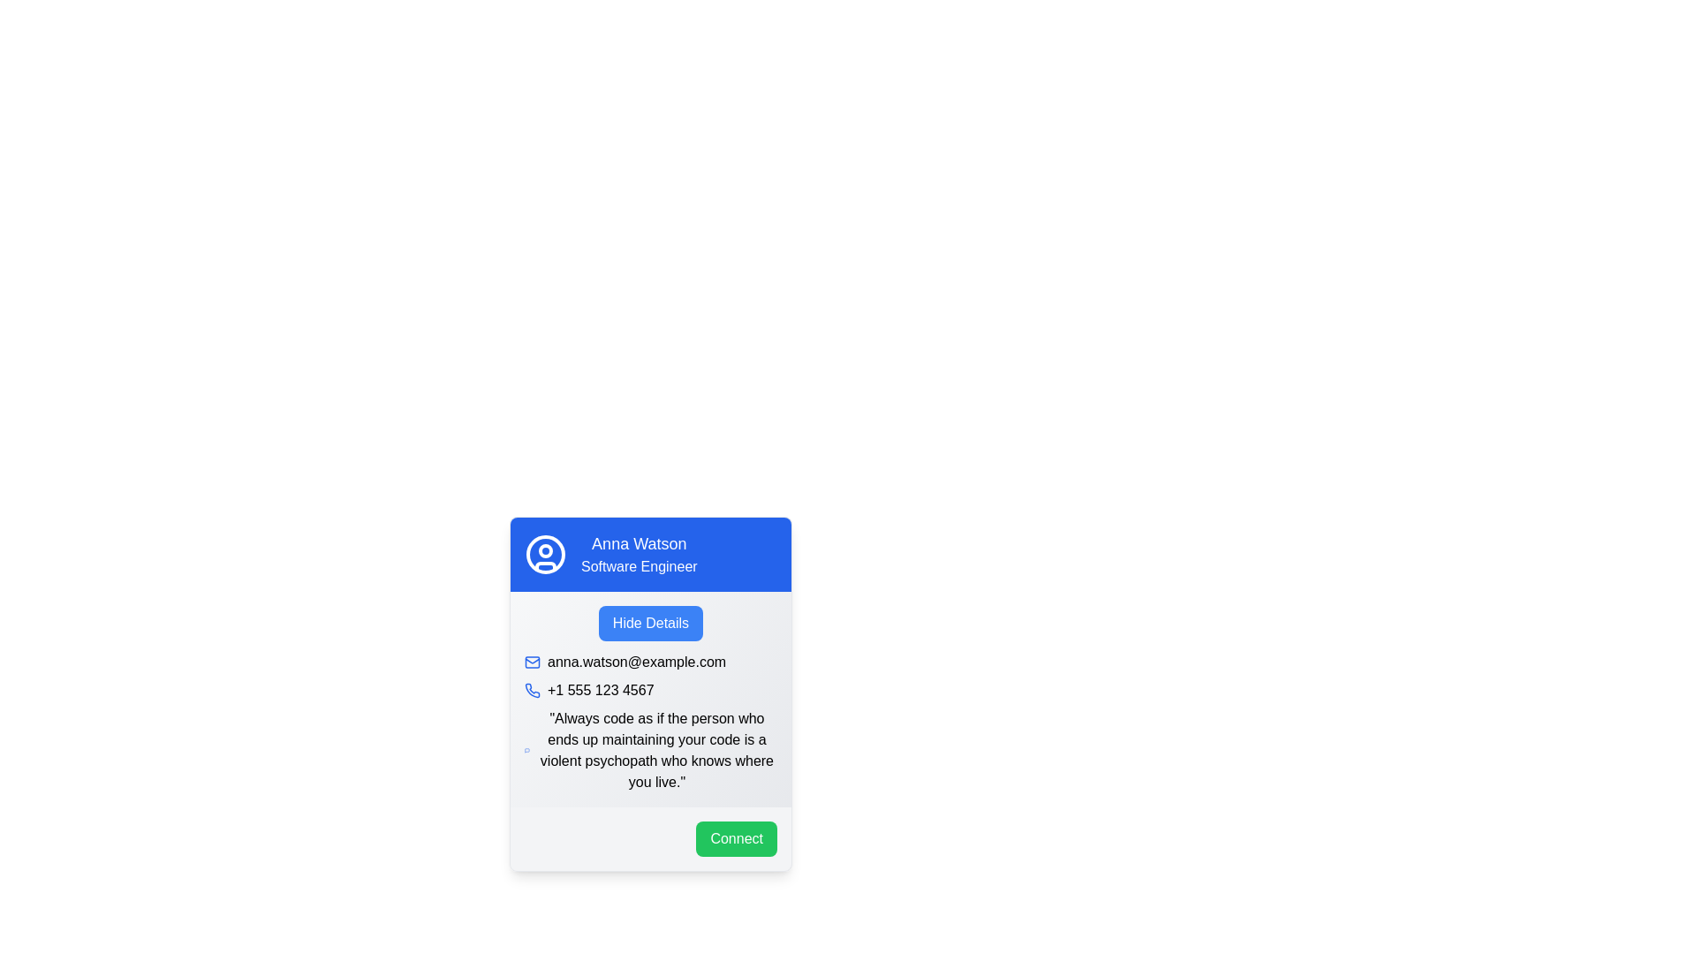 The width and height of the screenshot is (1696, 954). What do you see at coordinates (737, 837) in the screenshot?
I see `the 'Connect' button located at the bottom-right corner of the card` at bounding box center [737, 837].